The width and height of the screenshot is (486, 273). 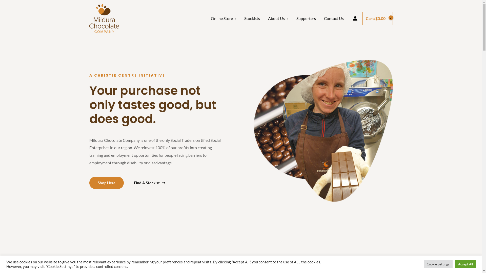 What do you see at coordinates (465, 264) in the screenshot?
I see `'Accept All'` at bounding box center [465, 264].